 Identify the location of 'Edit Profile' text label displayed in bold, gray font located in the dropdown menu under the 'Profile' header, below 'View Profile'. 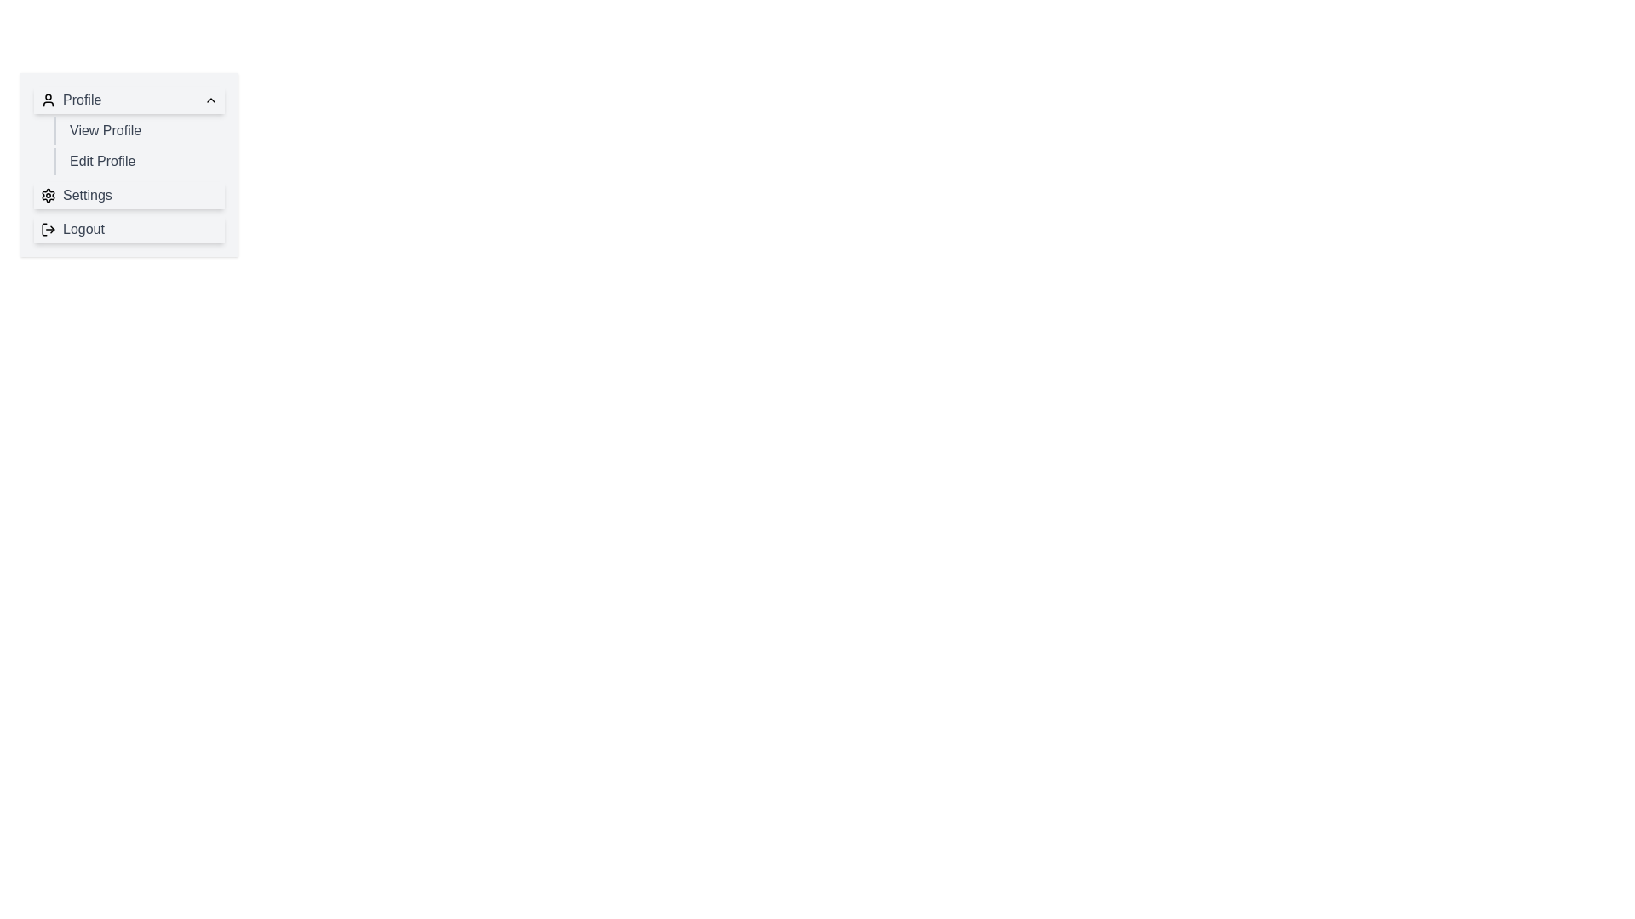
(101, 161).